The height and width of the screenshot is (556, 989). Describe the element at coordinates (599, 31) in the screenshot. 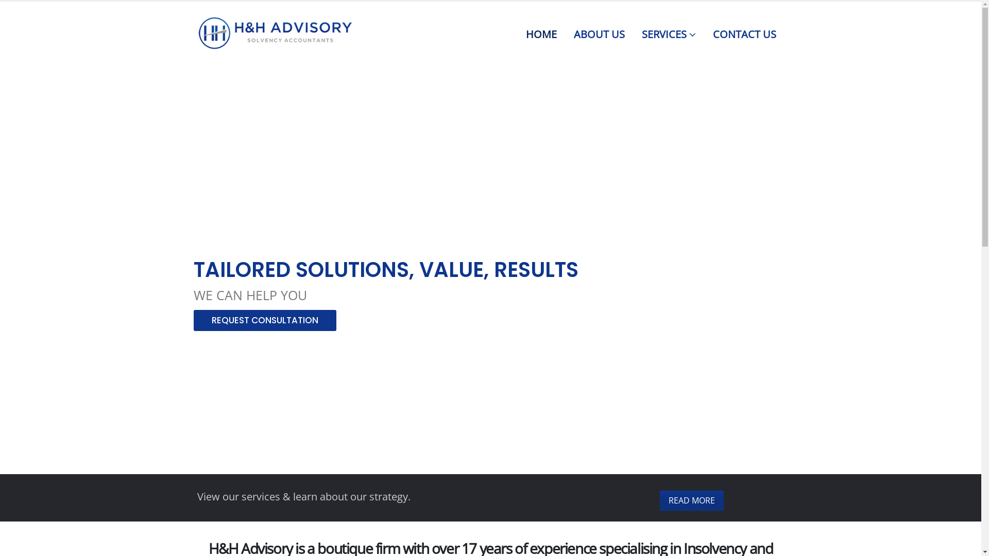

I see `'ABOUT US'` at that location.